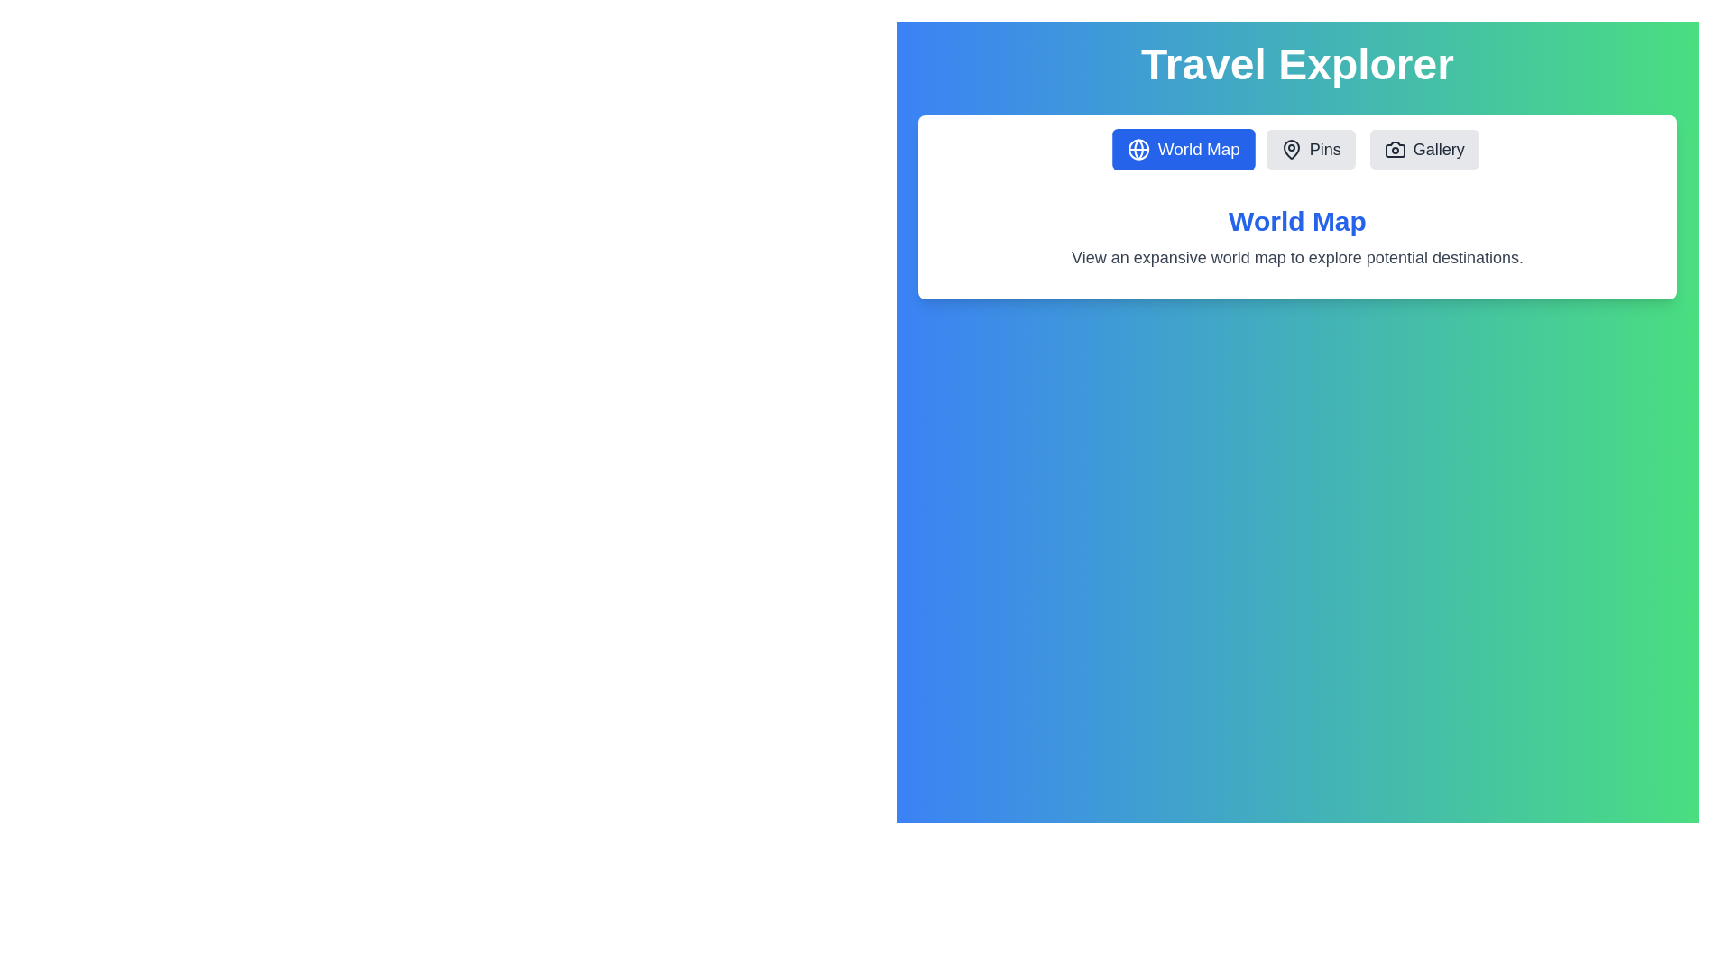 This screenshot has height=974, width=1732. Describe the element at coordinates (1423, 148) in the screenshot. I see `the tab labeled Gallery` at that location.